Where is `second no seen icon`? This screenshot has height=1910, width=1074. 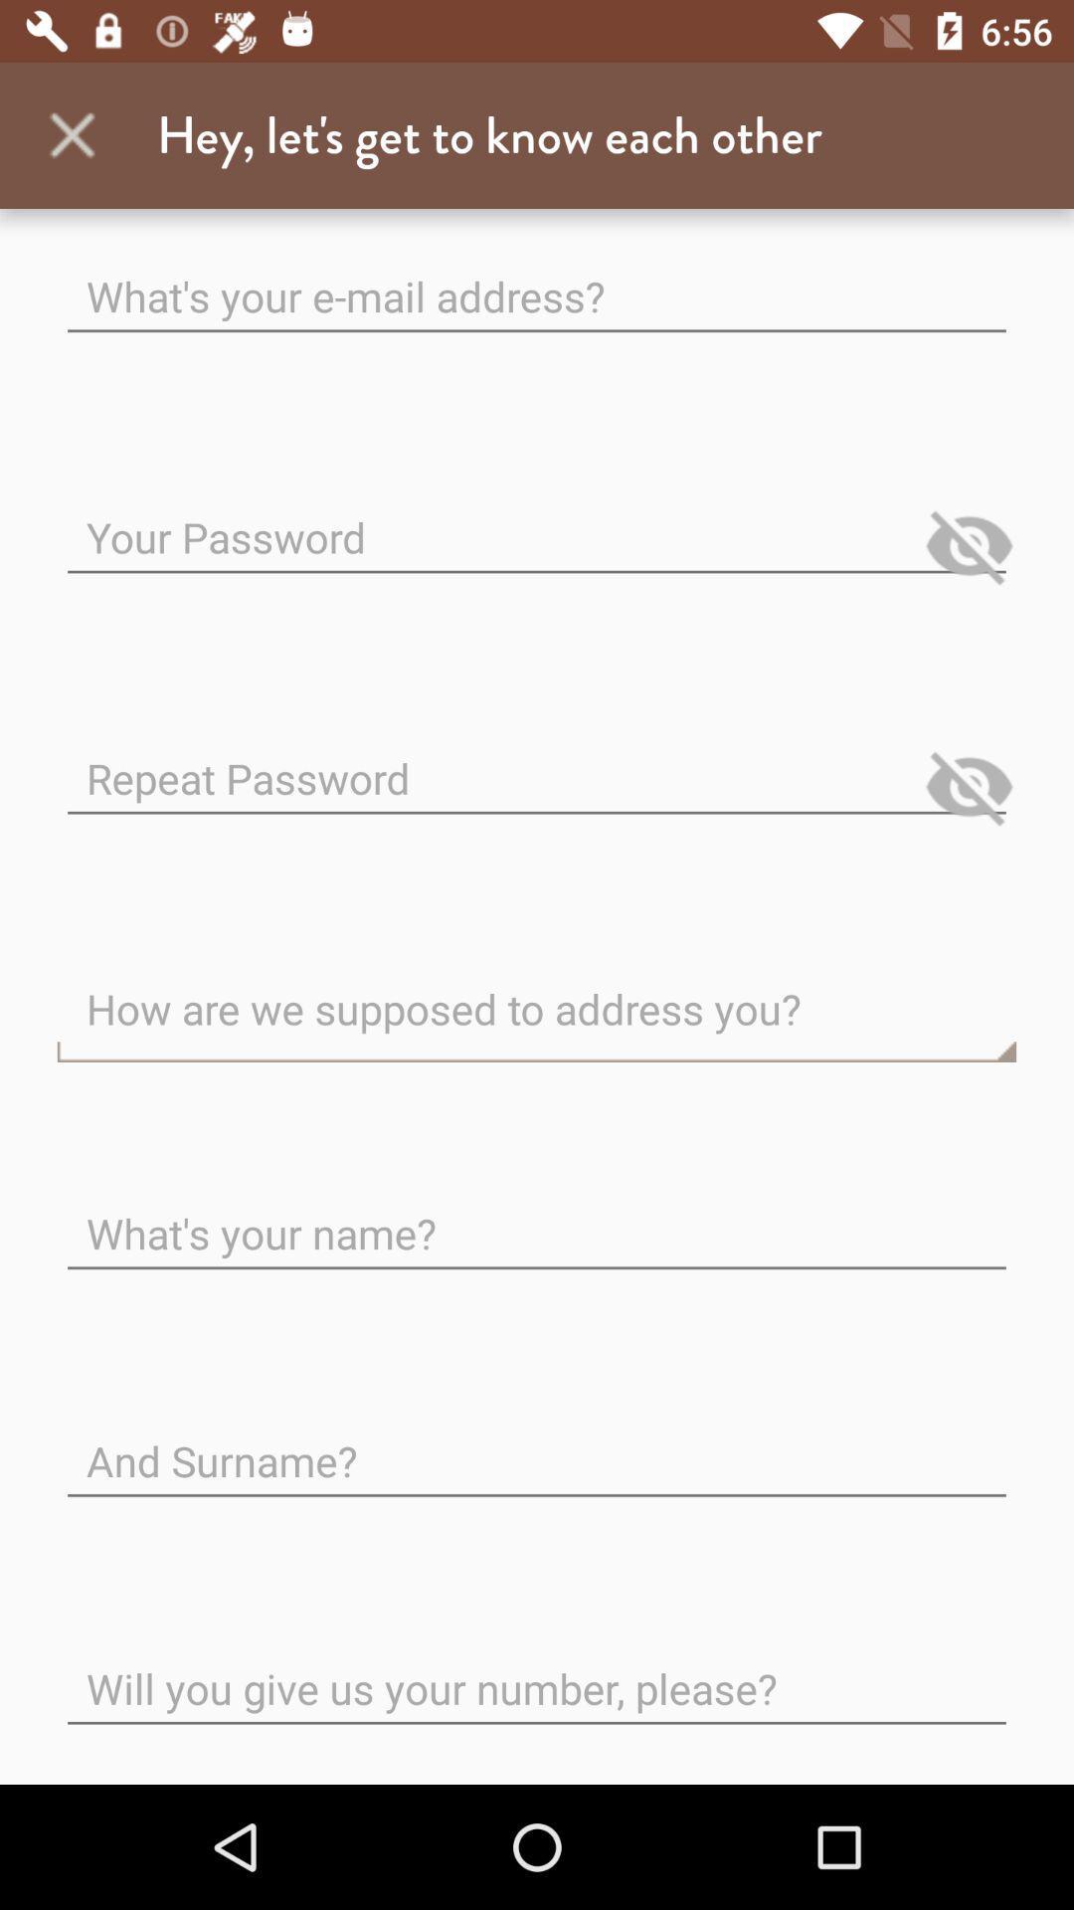 second no seen icon is located at coordinates (969, 786).